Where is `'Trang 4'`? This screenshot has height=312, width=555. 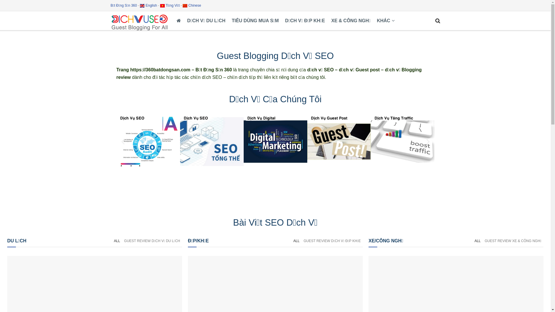 'Trang 4' is located at coordinates (148, 141).